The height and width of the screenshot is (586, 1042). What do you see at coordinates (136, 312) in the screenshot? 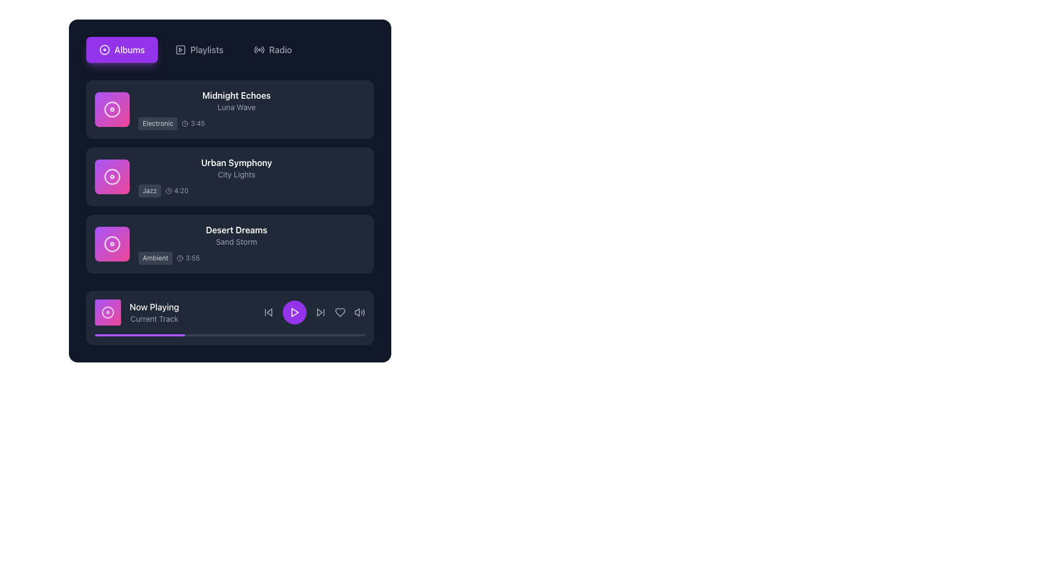
I see `the displayed information of the Media Indicator, which is the leftmost element in the footer section, featuring a distinctive gradient circular icon and text` at bounding box center [136, 312].